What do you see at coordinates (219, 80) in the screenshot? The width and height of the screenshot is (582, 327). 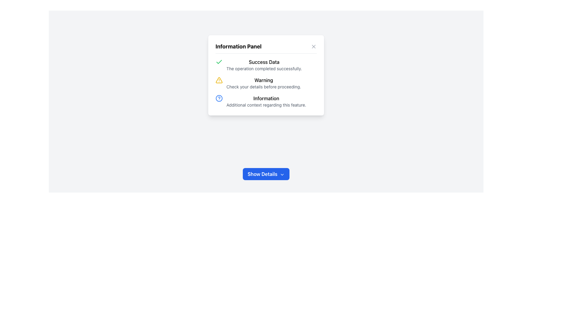 I see `the warning icon located in the Information Panel, adjacent to the 'Warning' text and the descriptive text 'Check your details before proceeding.'` at bounding box center [219, 80].